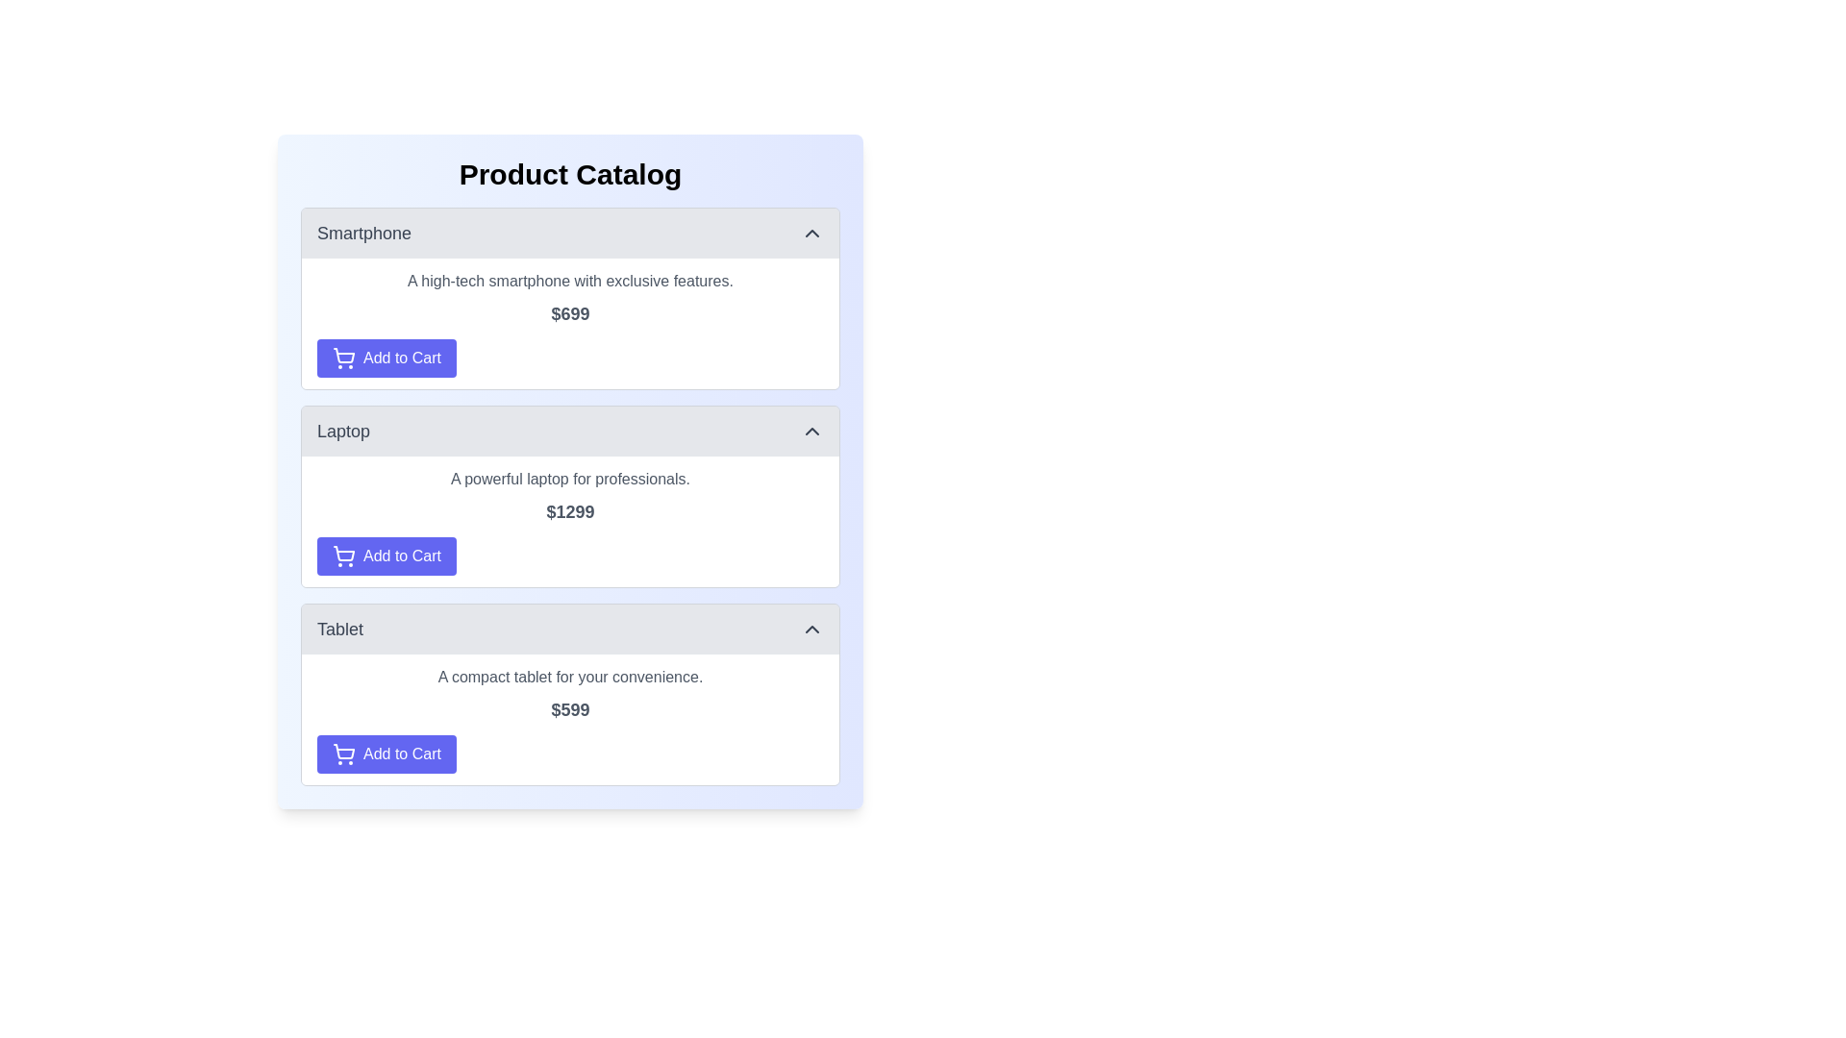 The width and height of the screenshot is (1846, 1038). I want to click on the text element that describes the key feature of the laptop in the product catalog, located above the price and 'Add to Cart' button, so click(569, 478).